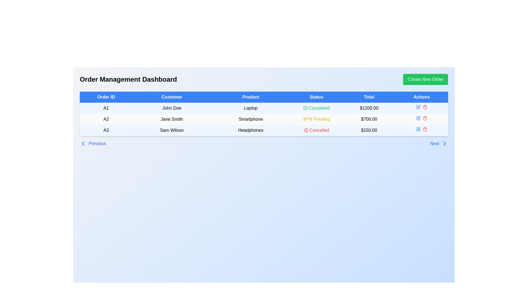 The image size is (532, 299). I want to click on the left-facing chevron icon with a thin blue outline, which is adjacent to the text 'Previous' in the pagination control located in the lower-left corner of the page, so click(83, 143).